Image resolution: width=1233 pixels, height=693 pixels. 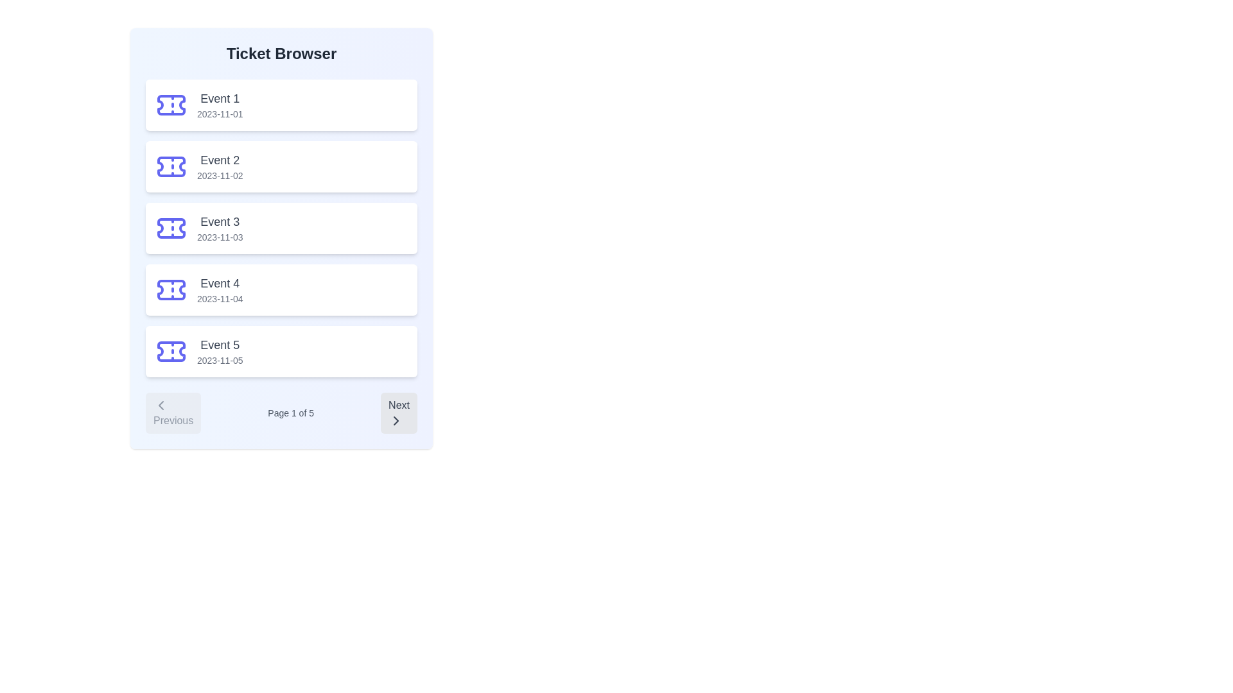 I want to click on the static text displaying 'Page 1 of 5', which is centrally located between the 'Previous' and 'Next' buttons at the bottom center of the interface, so click(x=290, y=413).